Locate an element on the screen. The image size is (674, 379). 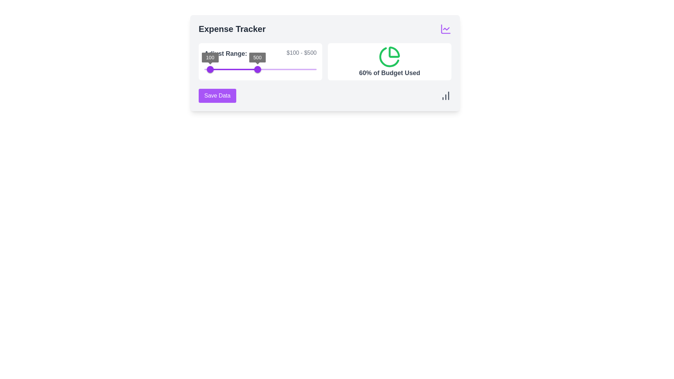
the slider is located at coordinates (342, 69).